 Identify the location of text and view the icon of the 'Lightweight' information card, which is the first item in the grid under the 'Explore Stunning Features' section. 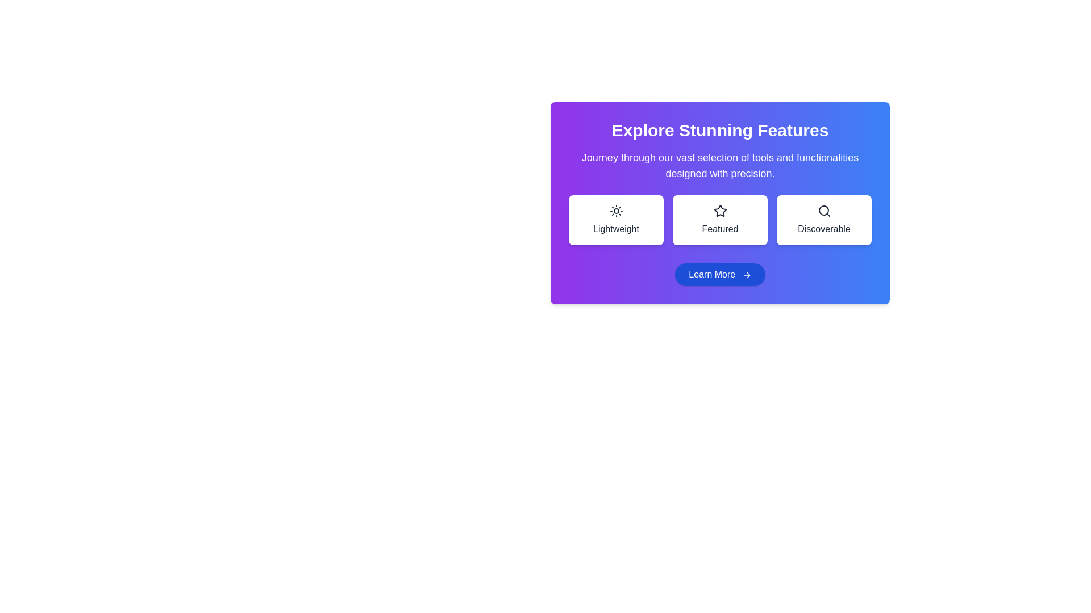
(615, 220).